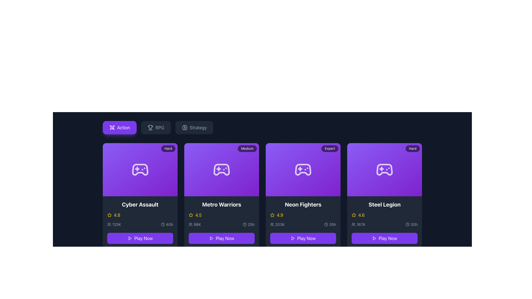  What do you see at coordinates (244, 224) in the screenshot?
I see `the duration indicator icon displaying '25h' located beneath the purple card titled 'Metro Warriors' in the bottom-left corner` at bounding box center [244, 224].